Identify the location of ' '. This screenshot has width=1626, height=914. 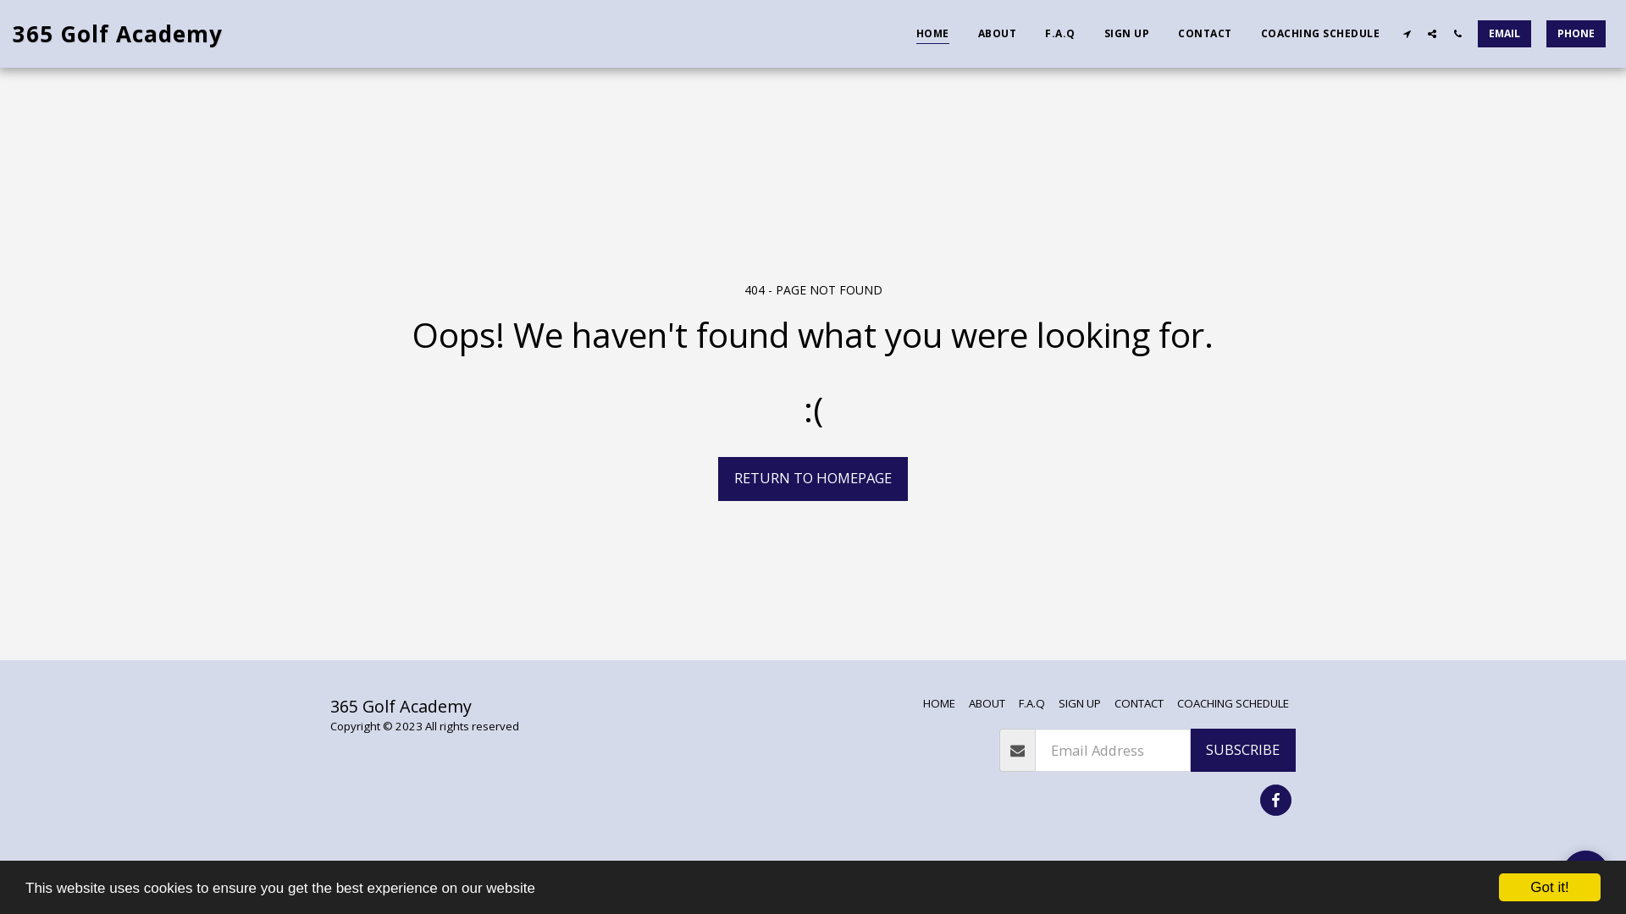
(1275, 800).